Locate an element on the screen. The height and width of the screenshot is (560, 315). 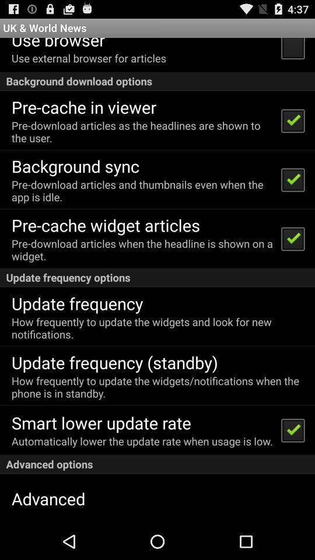
the item above pre download articles is located at coordinates (75, 165).